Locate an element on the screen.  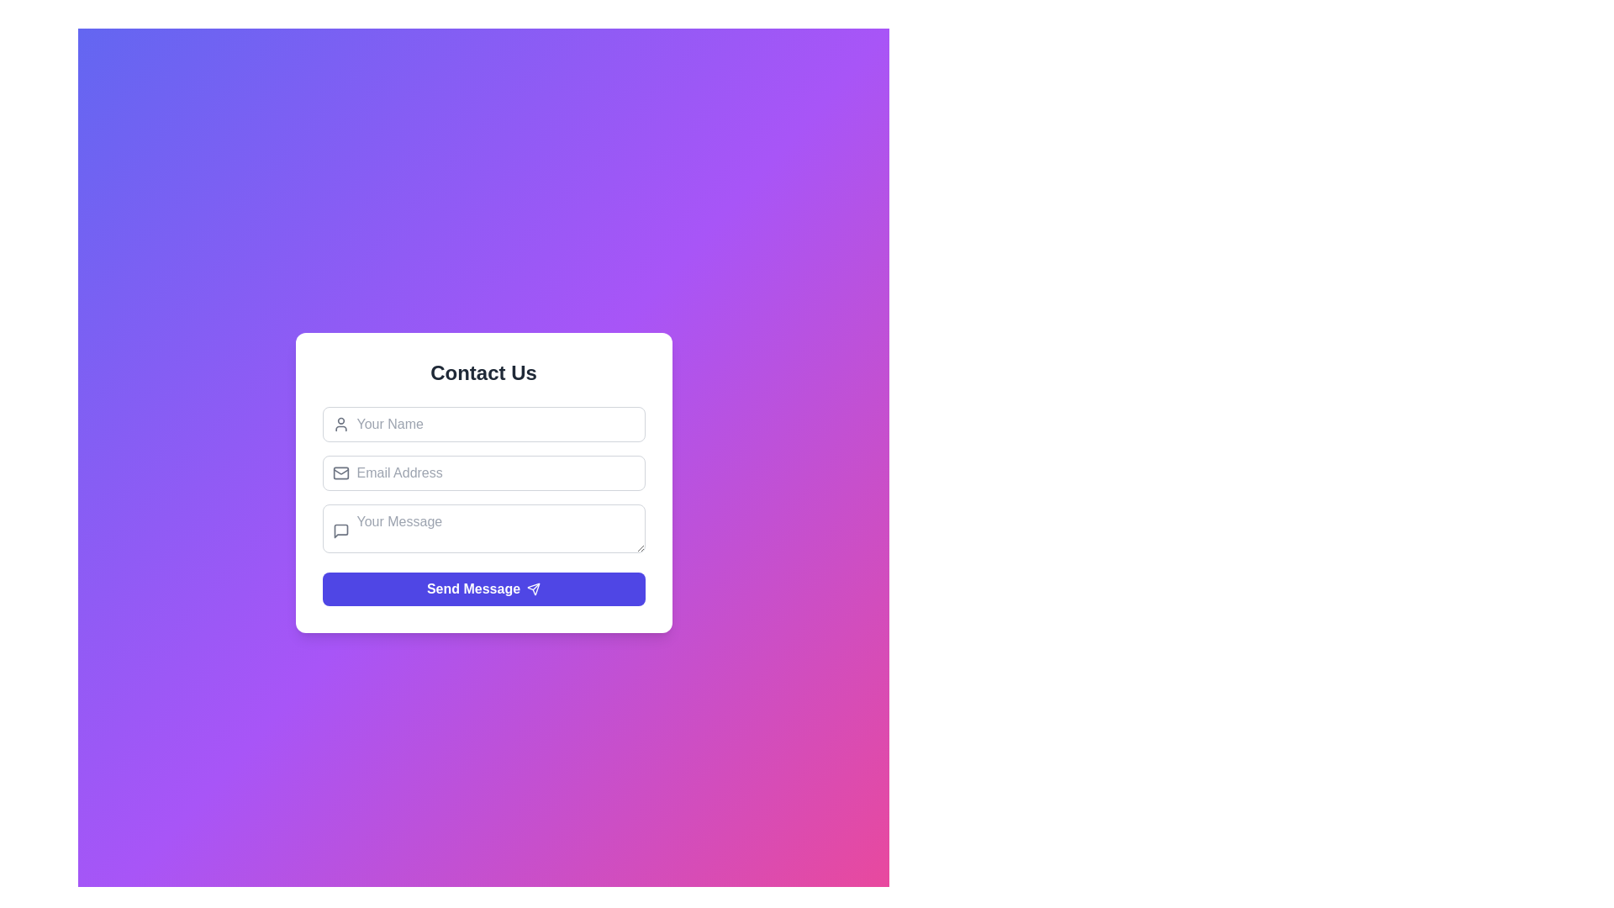
the triangular graphical vector icon representing a send indicator located at the bottom-right corner of the 'Send Message' button is located at coordinates (533, 589).